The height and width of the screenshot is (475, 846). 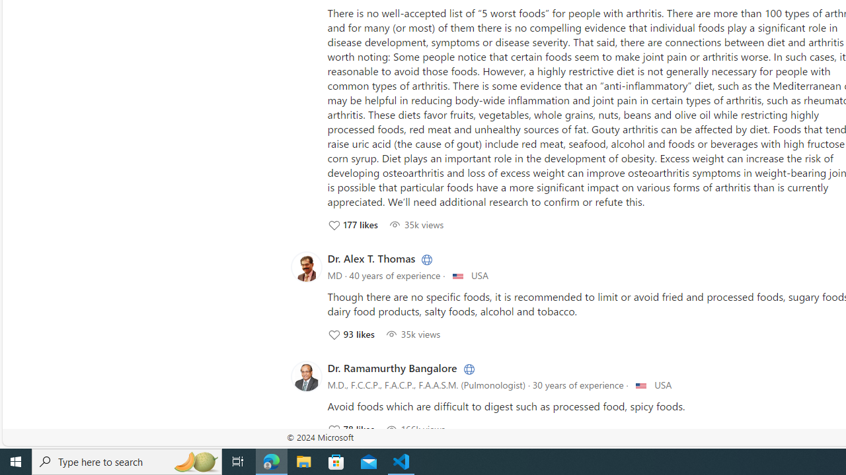 I want to click on 'Flag image of USA', so click(x=641, y=385).